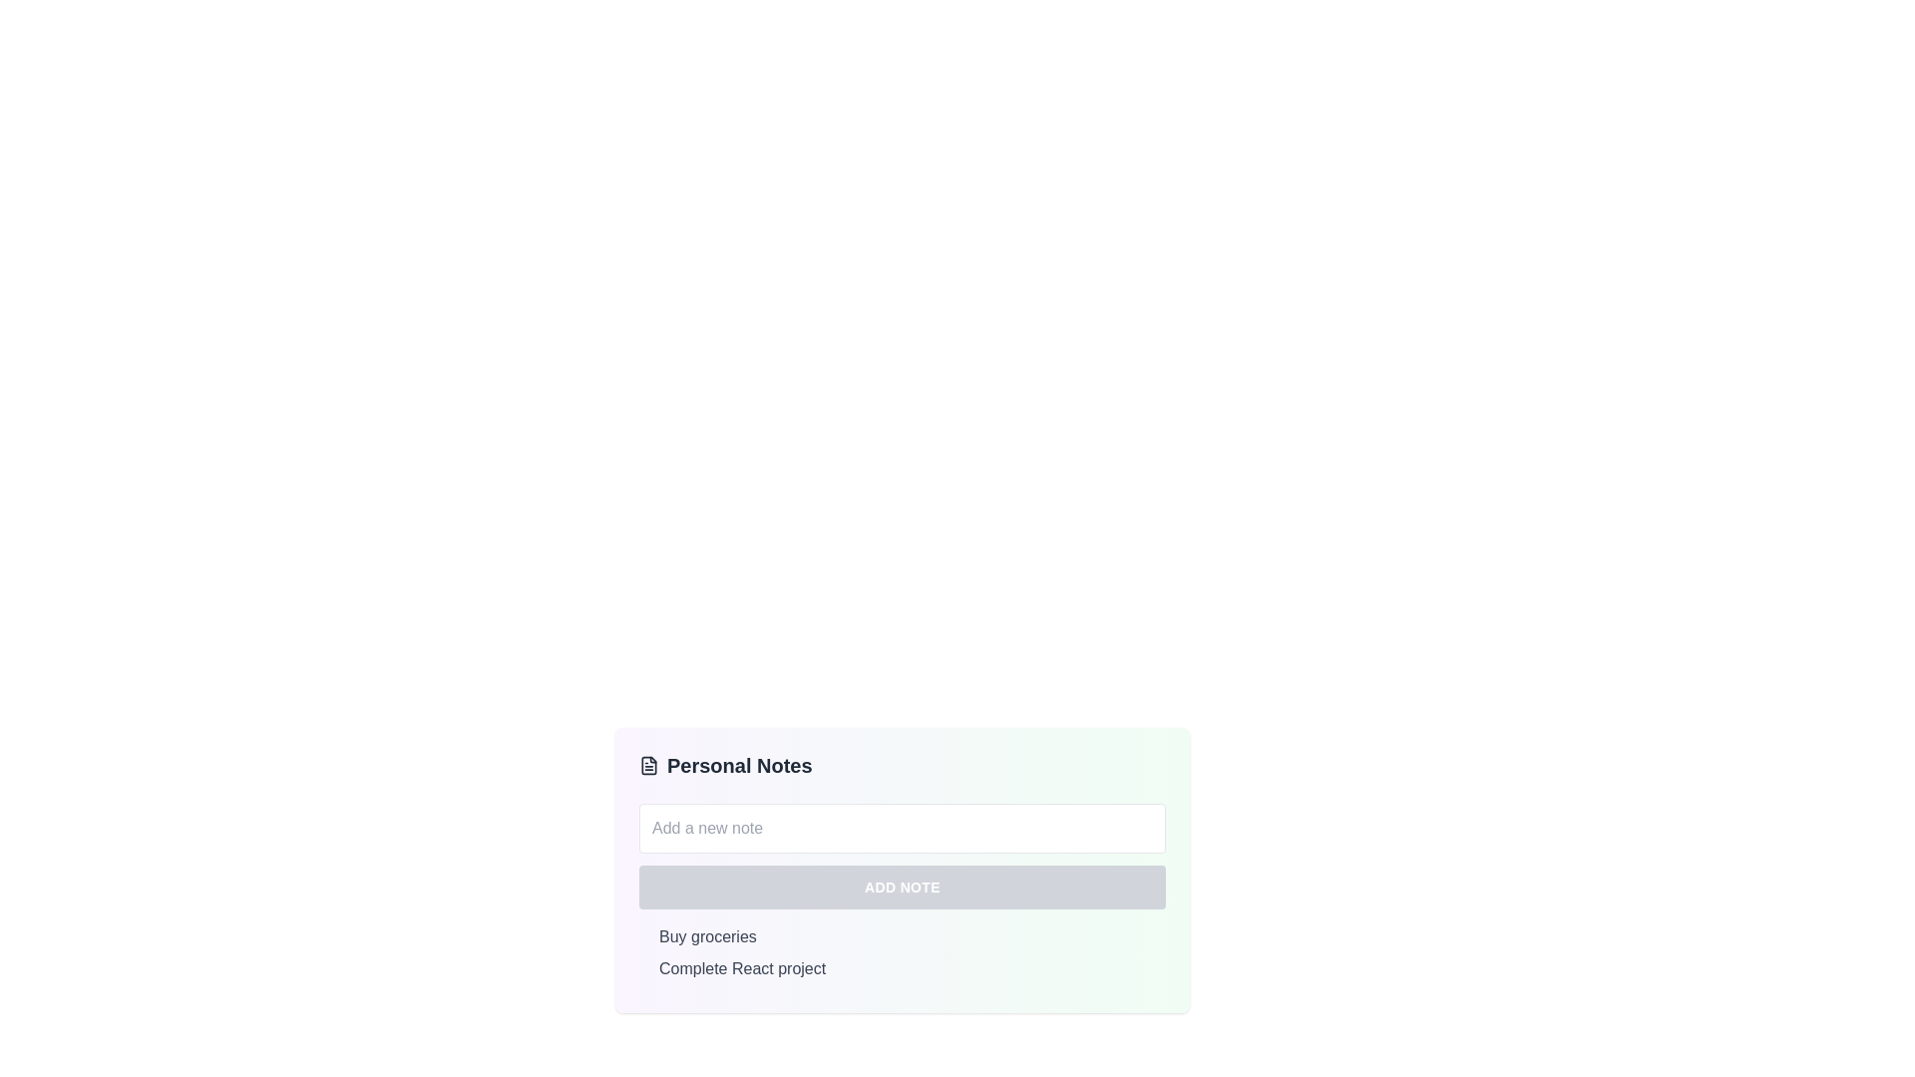  Describe the element at coordinates (902, 869) in the screenshot. I see `the 'Add Note' button in the note-taking widget` at that location.